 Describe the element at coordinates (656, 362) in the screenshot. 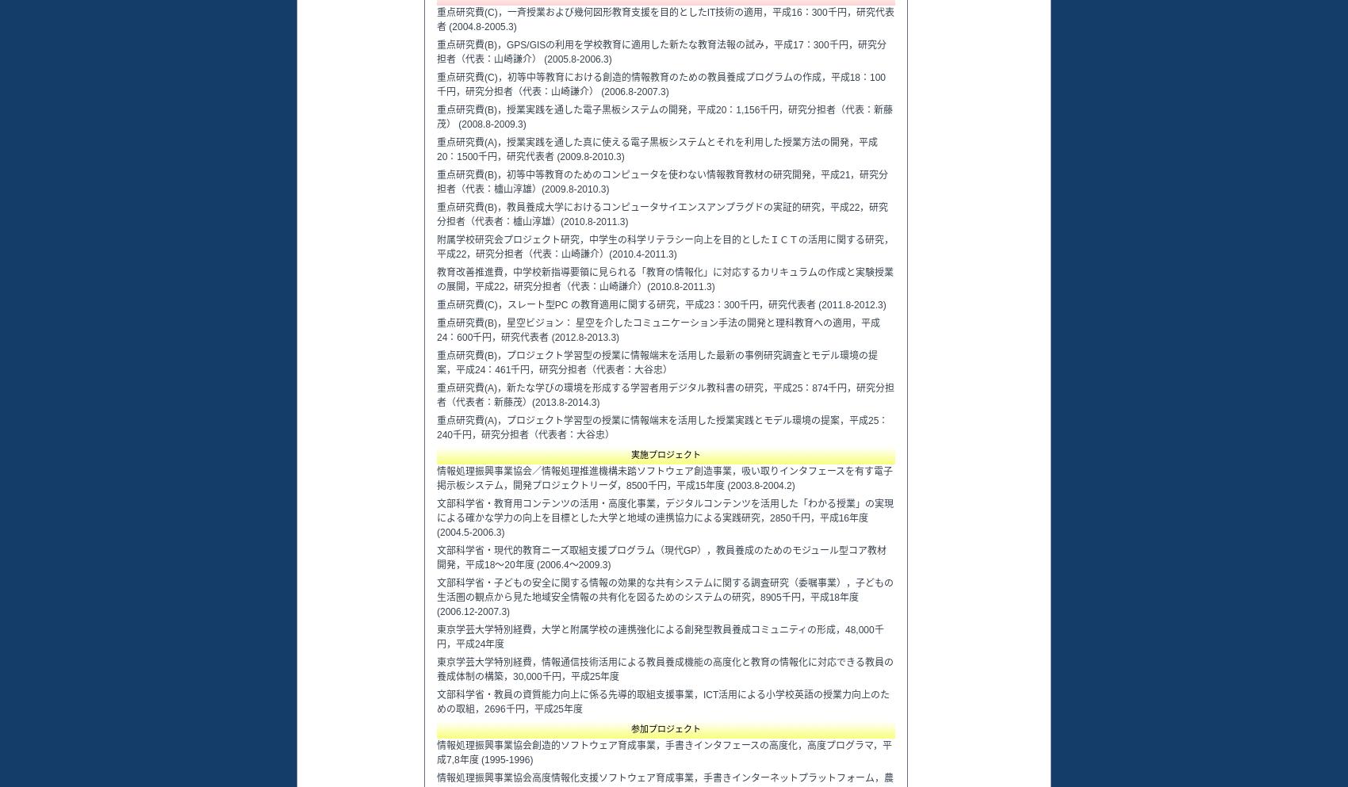

I see `'重点研究費(B)，プロジェクト学習型の授業に情報端末を活用した最新の事例研究調査とモデル環境の提案，平成24：461千円，研究分担者（代表者：大谷忠）'` at that location.